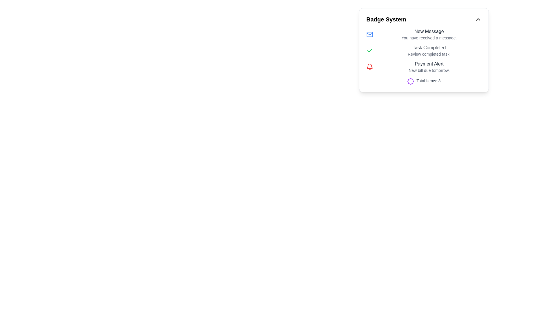  Describe the element at coordinates (424, 50) in the screenshot. I see `the notification panel item that serves as a notification for completed tasks, which is the second item in the series of three notifications` at that location.